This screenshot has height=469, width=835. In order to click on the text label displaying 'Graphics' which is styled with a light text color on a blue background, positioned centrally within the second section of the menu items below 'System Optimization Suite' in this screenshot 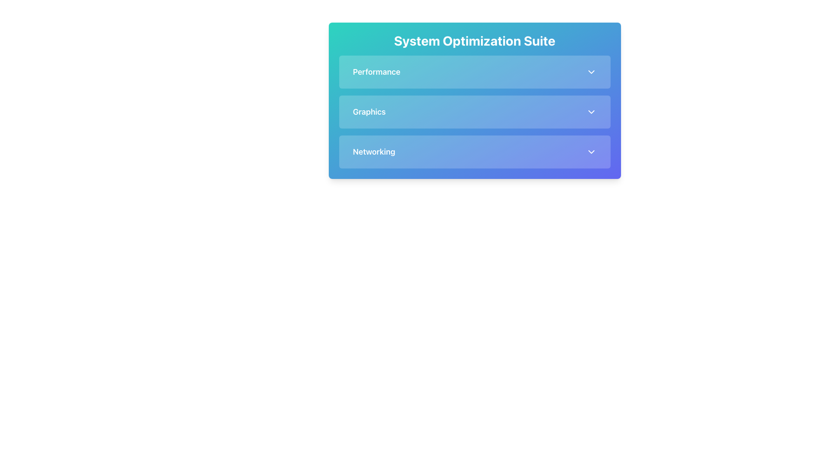, I will do `click(369, 112)`.